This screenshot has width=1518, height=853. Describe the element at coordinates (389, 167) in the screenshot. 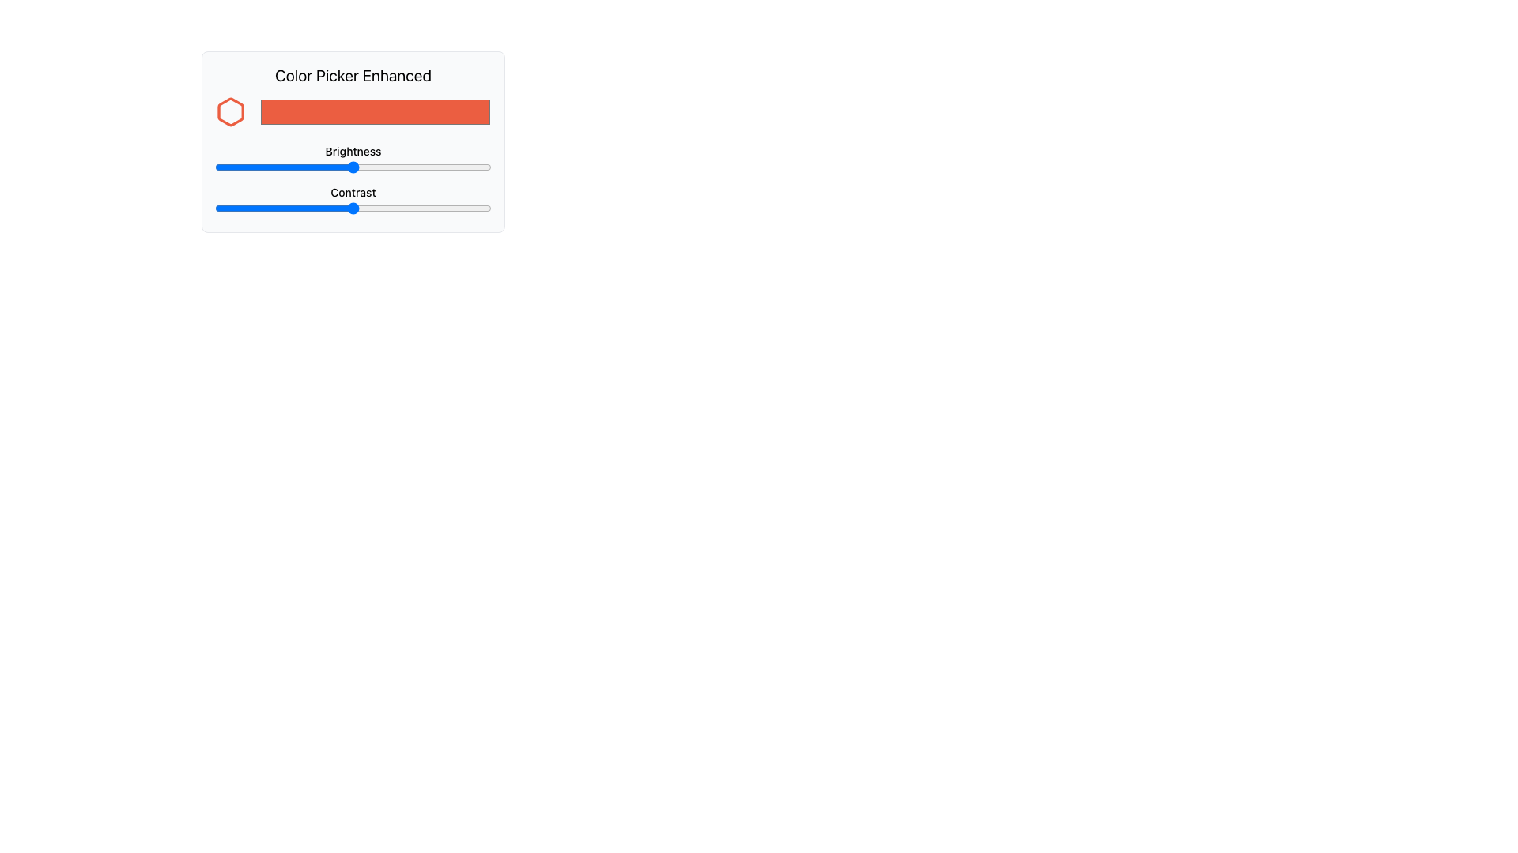

I see `brightness` at that location.